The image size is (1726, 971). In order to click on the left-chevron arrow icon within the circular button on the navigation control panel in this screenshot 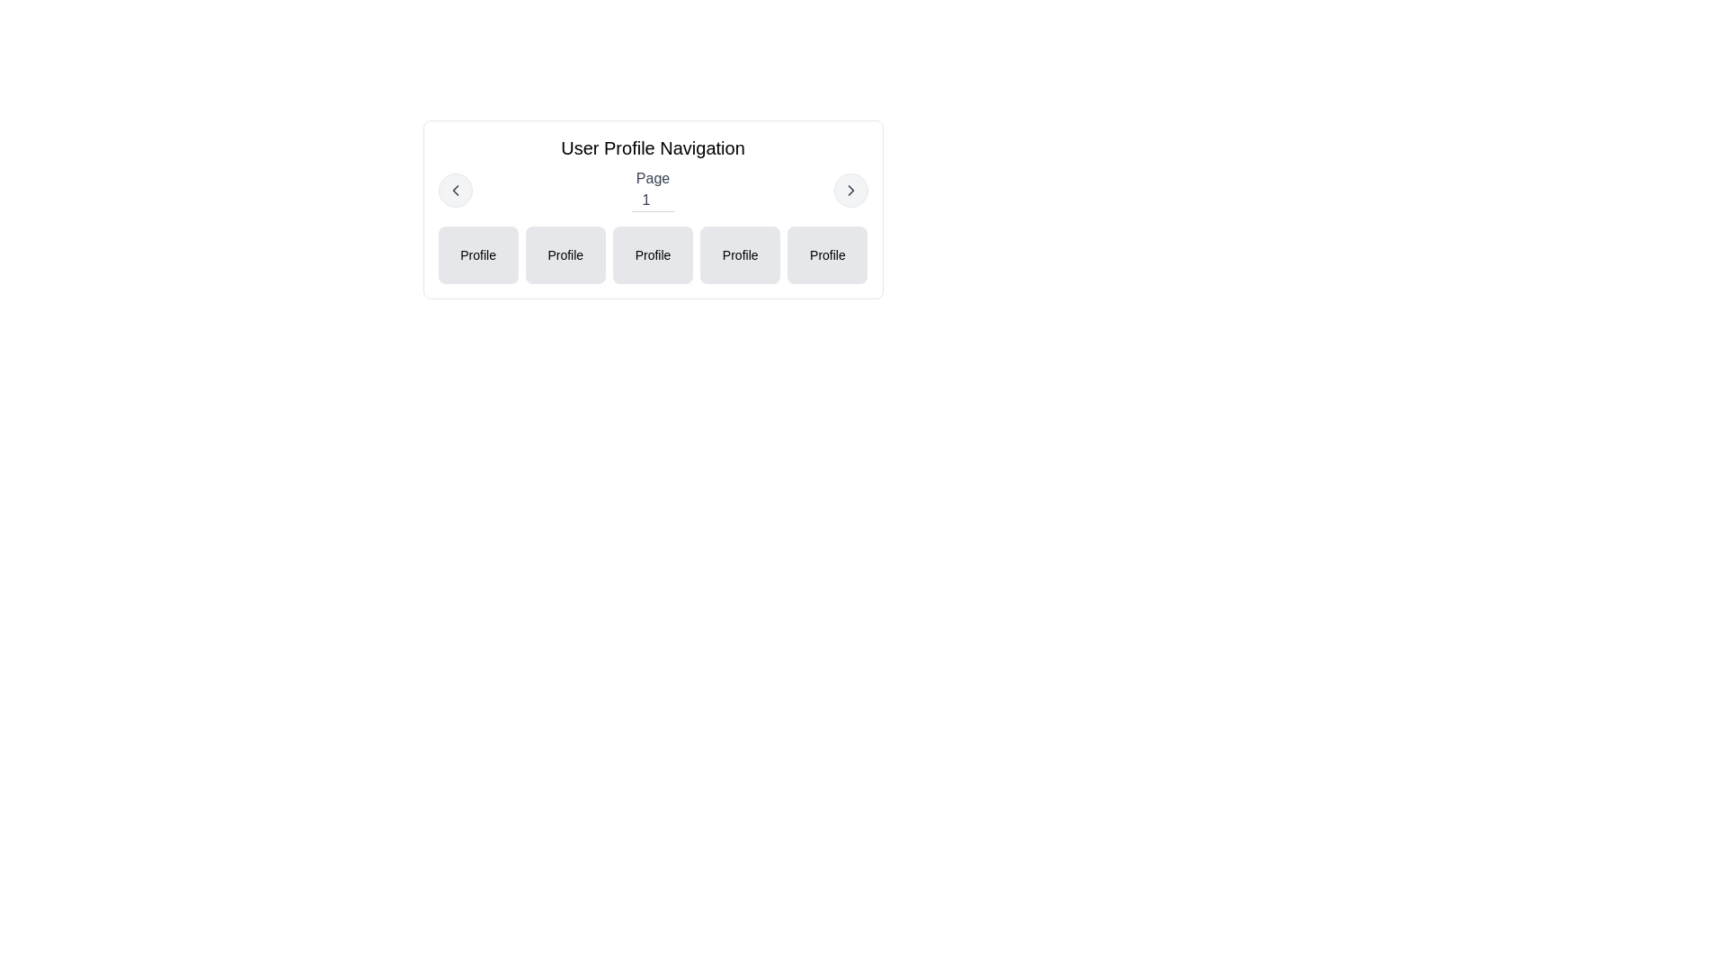, I will do `click(455, 190)`.